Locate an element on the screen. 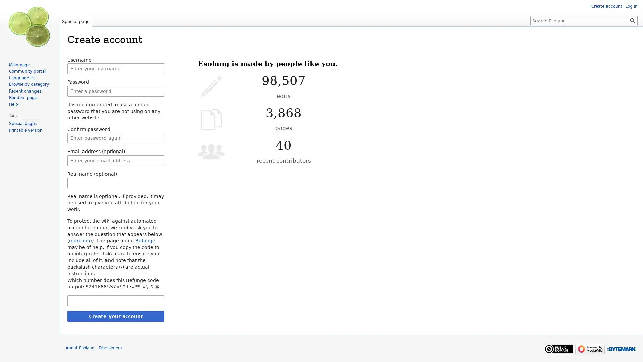 The image size is (643, 362). Go is located at coordinates (632, 20).